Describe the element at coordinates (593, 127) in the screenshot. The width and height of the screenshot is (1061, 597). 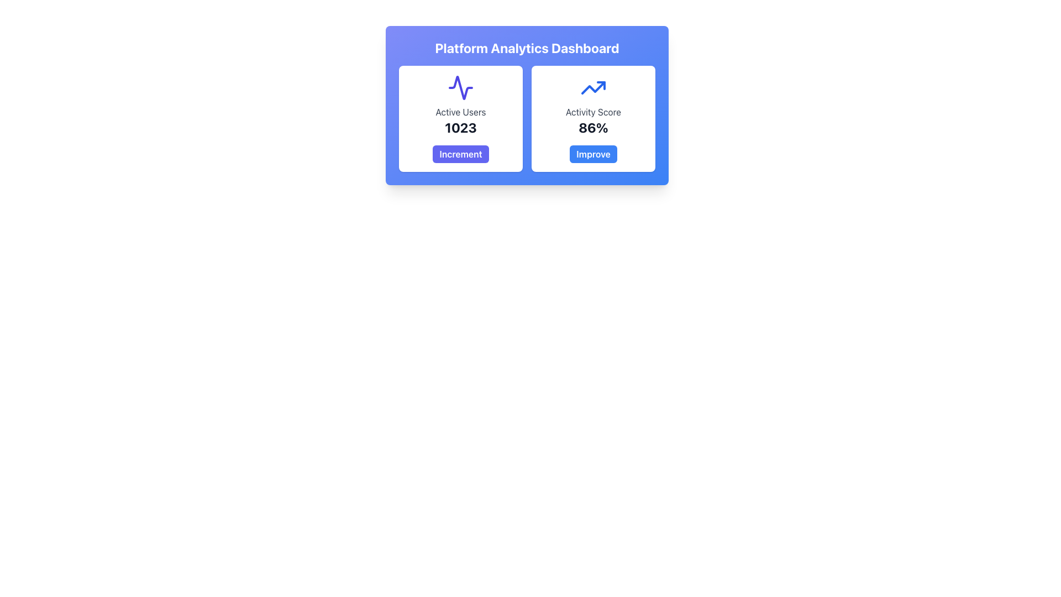
I see `the Text Display element that shows '86%' in a large, bold sans-serif font, which is centered within the 'Activity Score' card component` at that location.